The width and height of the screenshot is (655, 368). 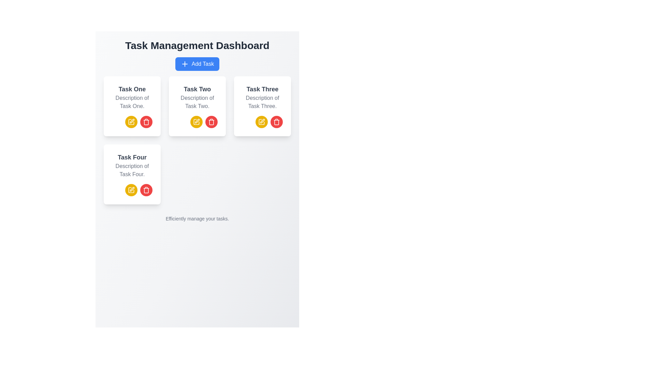 I want to click on the edit button for 'Task Two', so click(x=197, y=121).